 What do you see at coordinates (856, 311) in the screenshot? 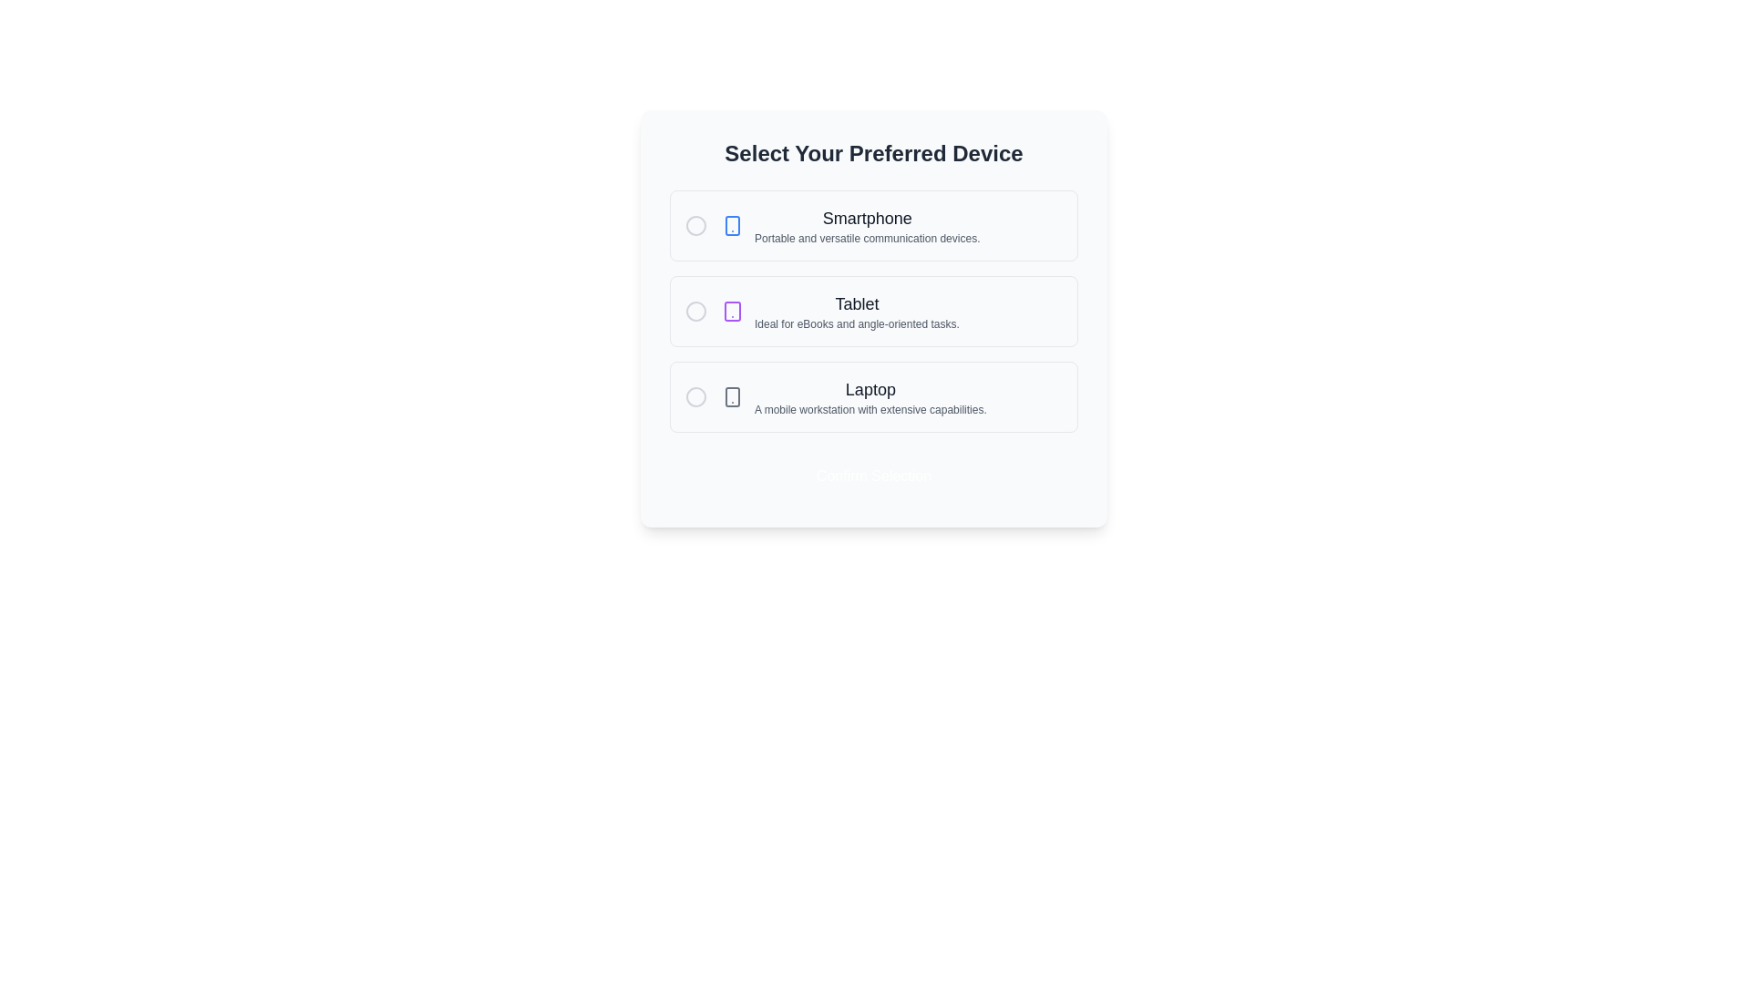
I see `descriptive label for the 'Tablet' device option, which is the second item in a vertical list of device options in the selection dialog` at bounding box center [856, 311].